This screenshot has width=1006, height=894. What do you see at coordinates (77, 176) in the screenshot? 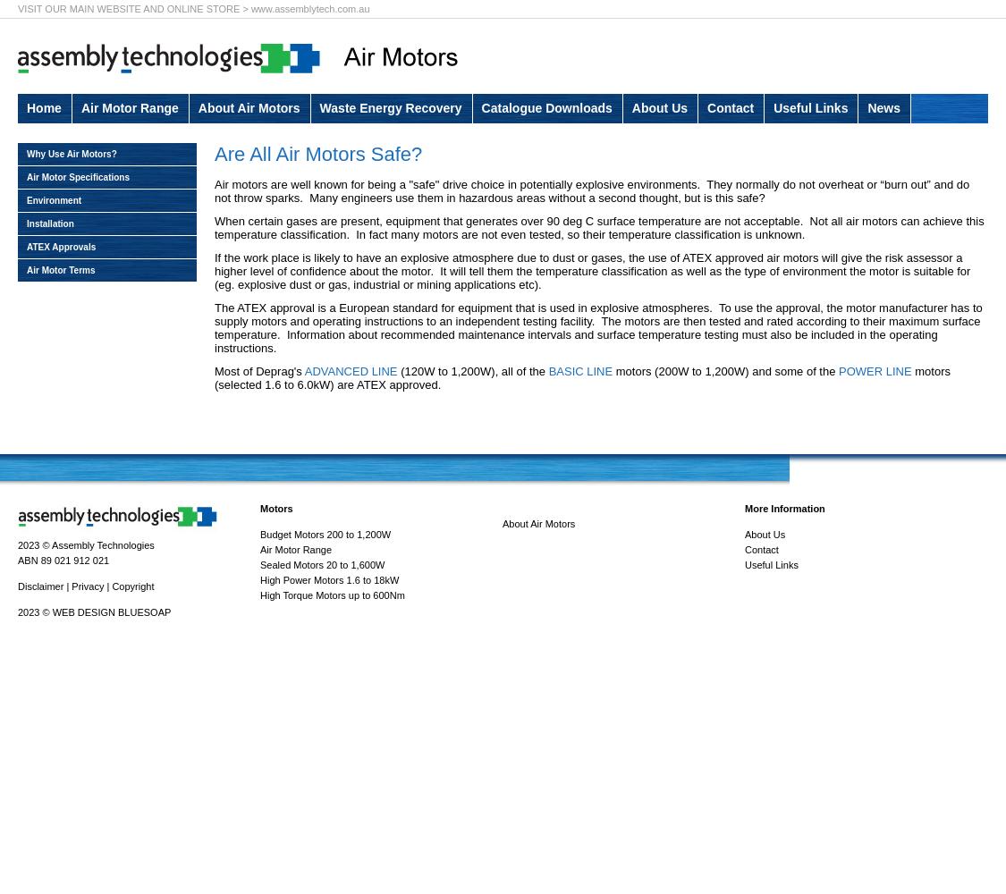
I see `'Air Motor Specifications'` at bounding box center [77, 176].